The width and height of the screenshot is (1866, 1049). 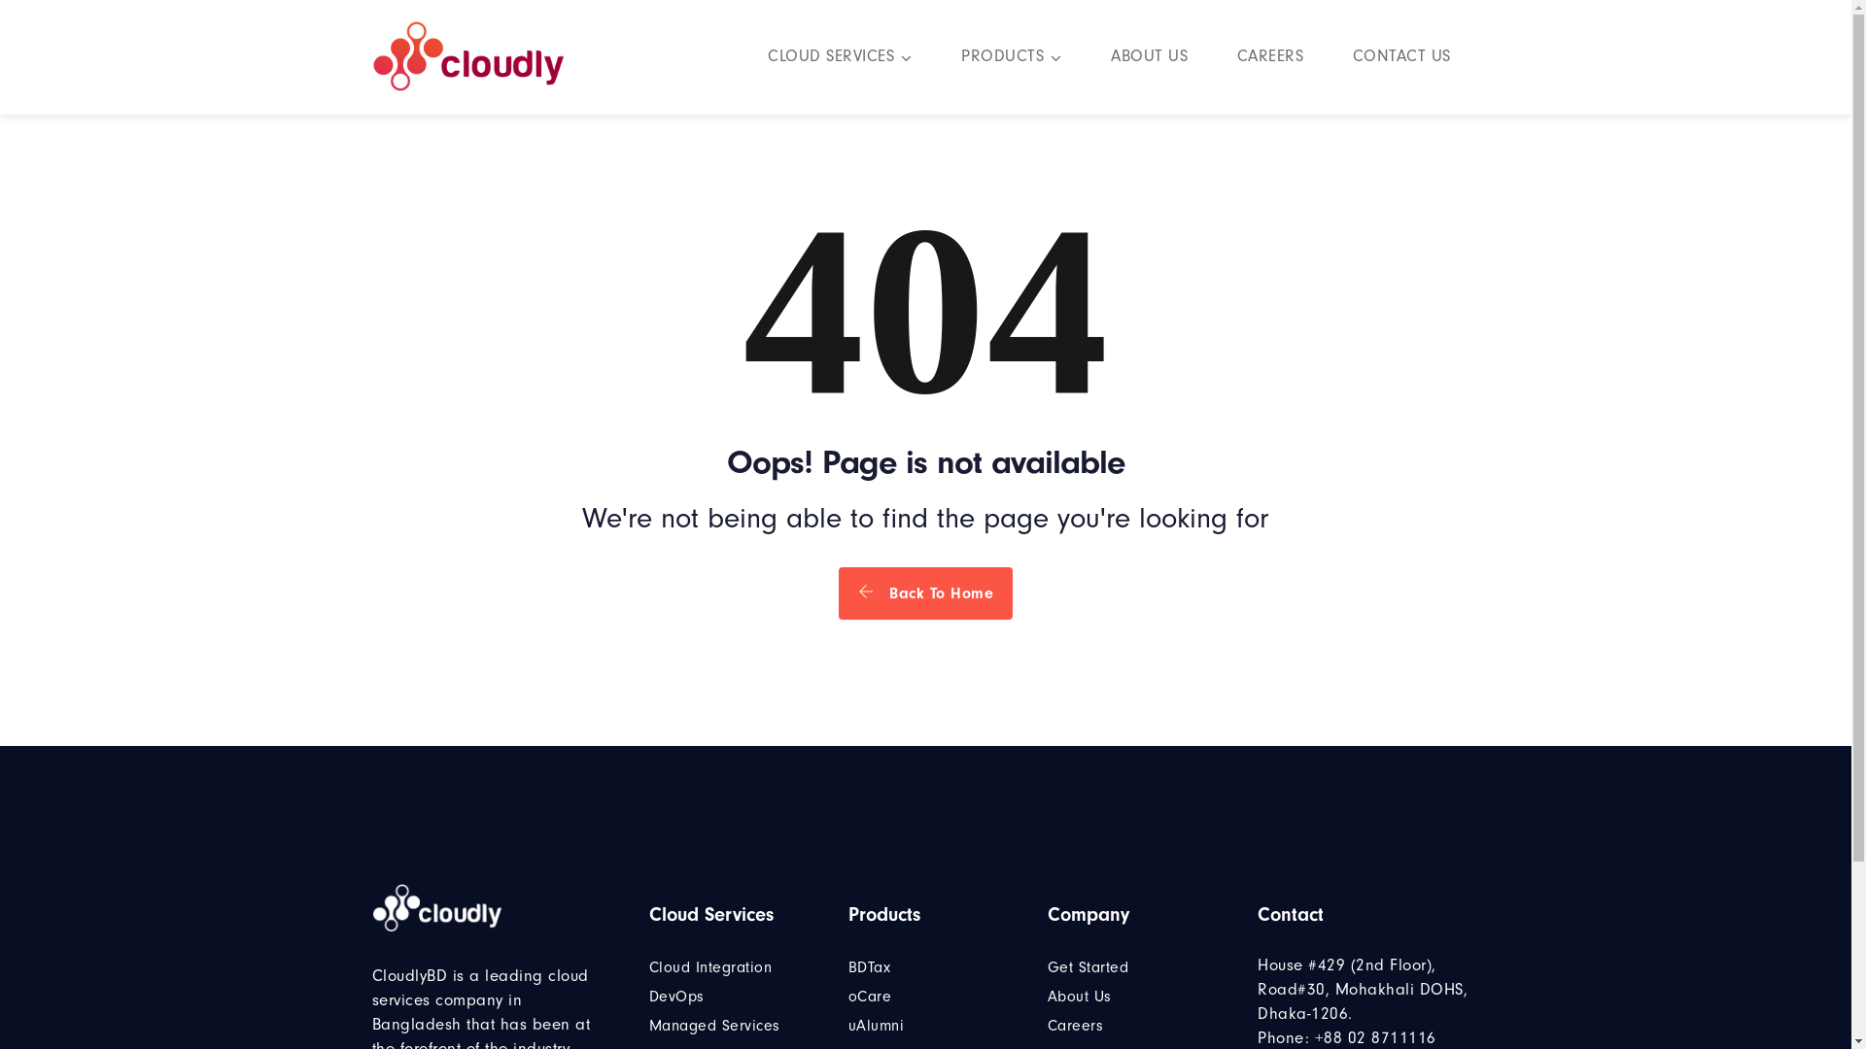 What do you see at coordinates (839, 592) in the screenshot?
I see `'Back To Home'` at bounding box center [839, 592].